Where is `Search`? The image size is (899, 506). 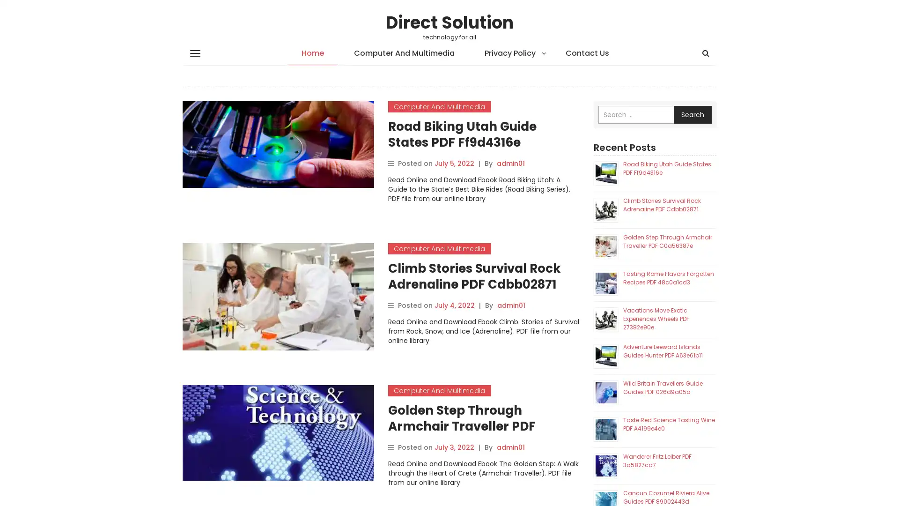 Search is located at coordinates (693, 114).